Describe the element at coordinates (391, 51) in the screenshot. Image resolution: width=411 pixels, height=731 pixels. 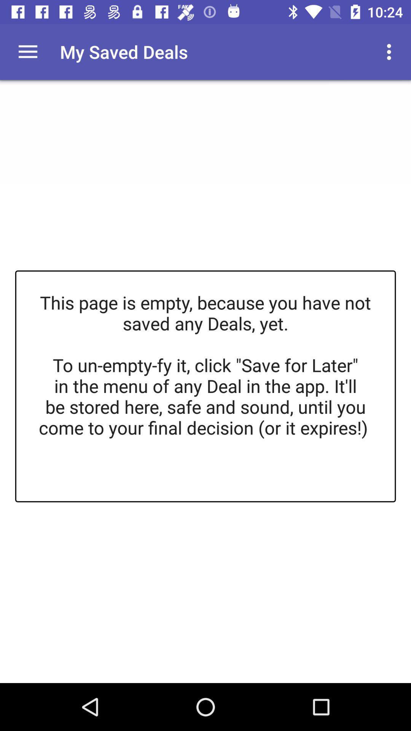
I see `the app to the right of the my saved deals app` at that location.